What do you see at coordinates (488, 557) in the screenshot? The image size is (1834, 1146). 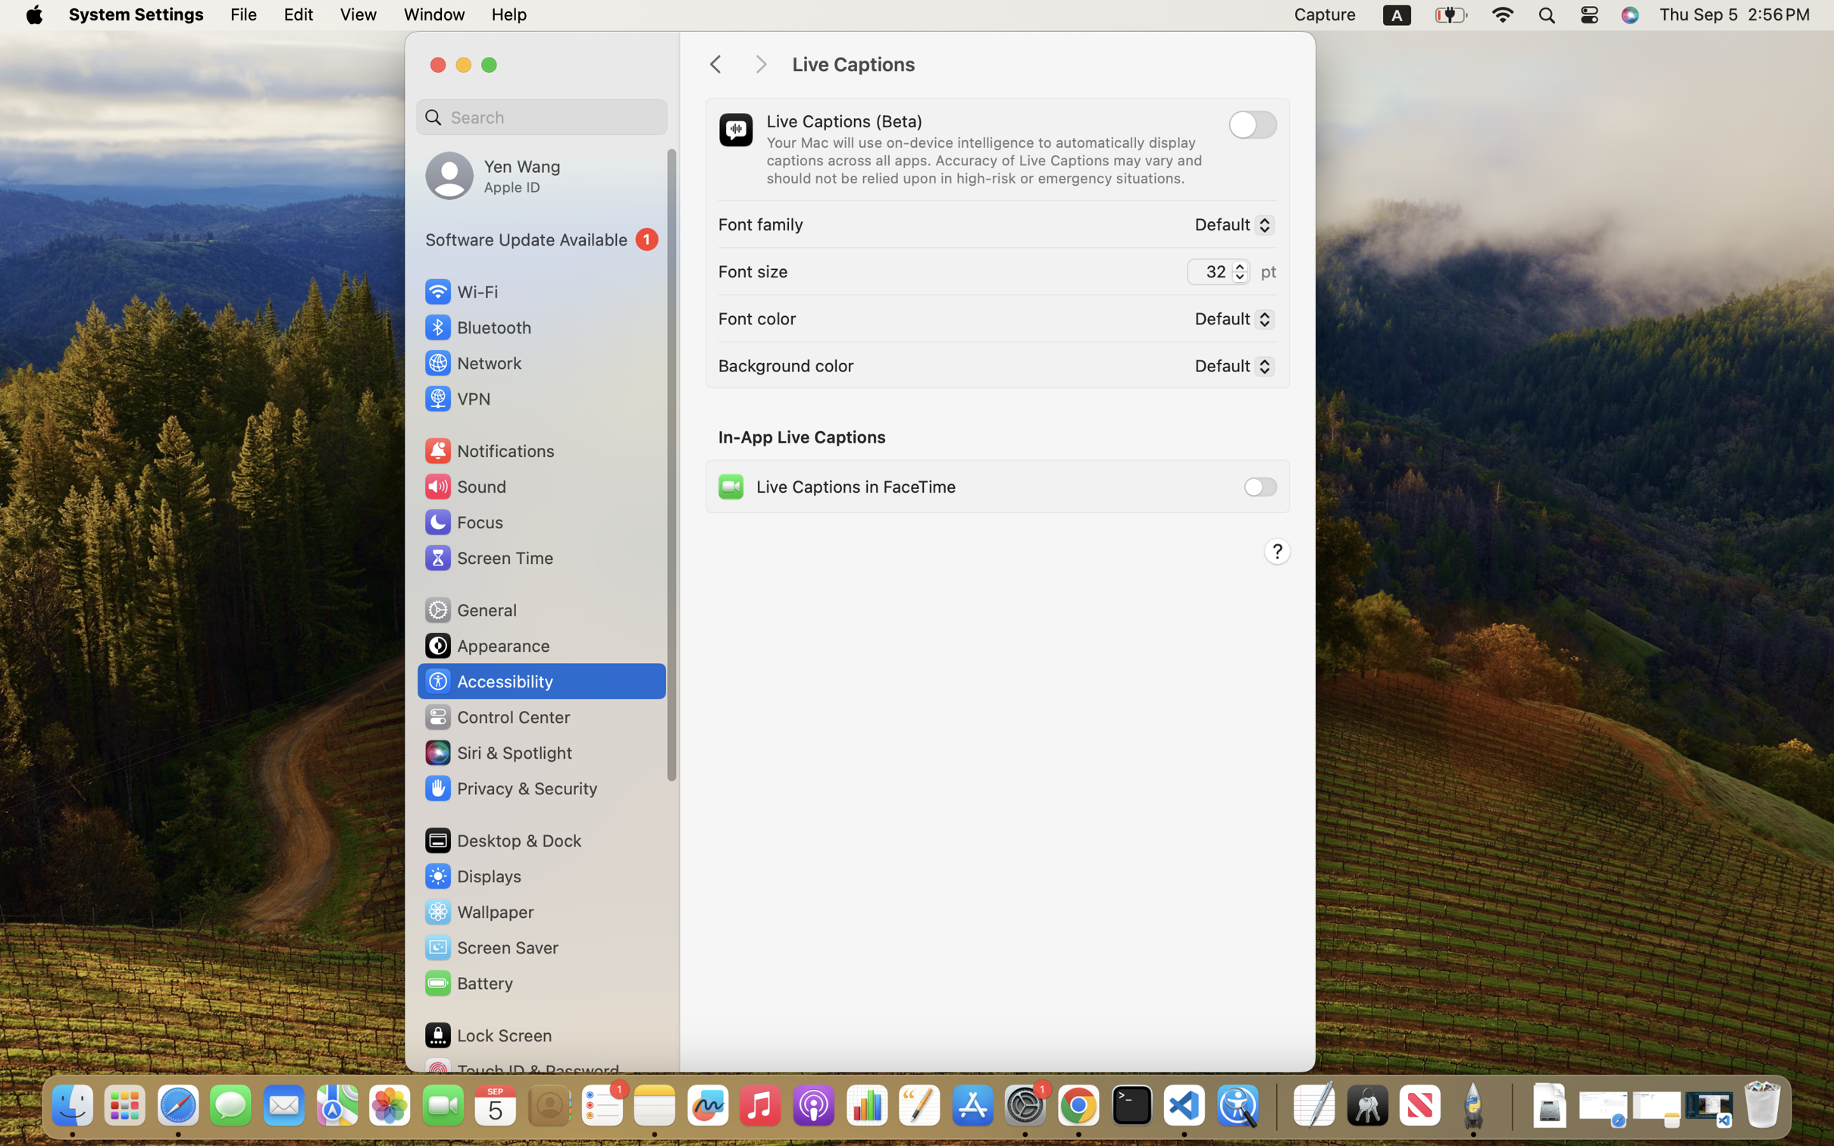 I see `'Screen Time'` at bounding box center [488, 557].